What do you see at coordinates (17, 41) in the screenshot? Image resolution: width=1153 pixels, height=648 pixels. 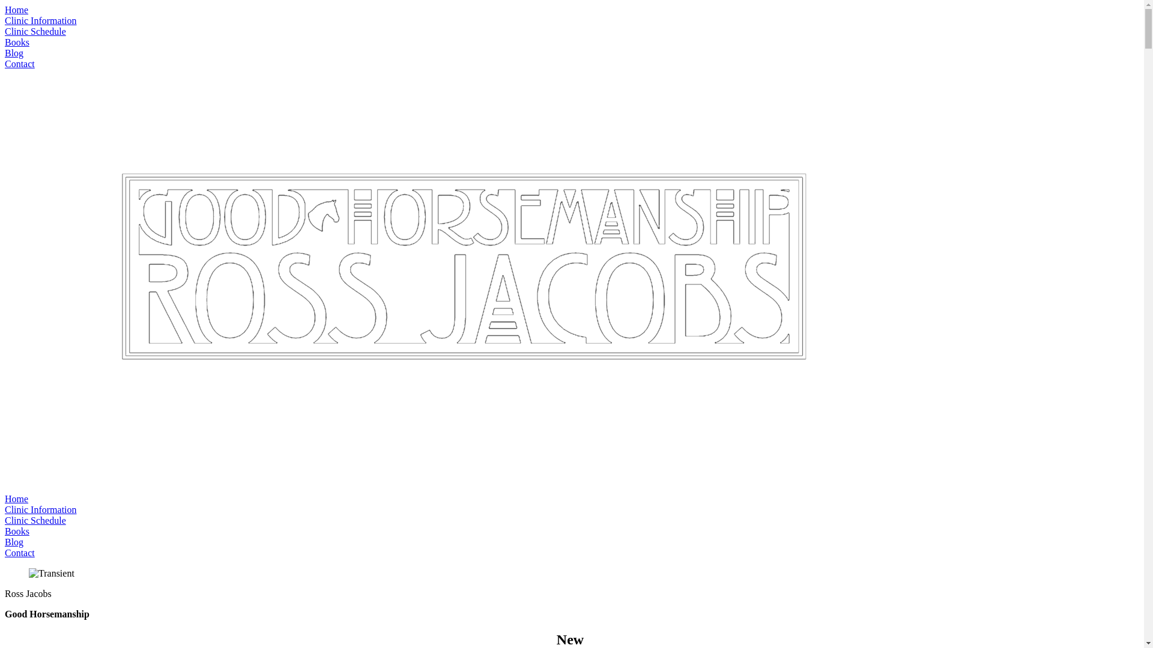 I see `'Books'` at bounding box center [17, 41].